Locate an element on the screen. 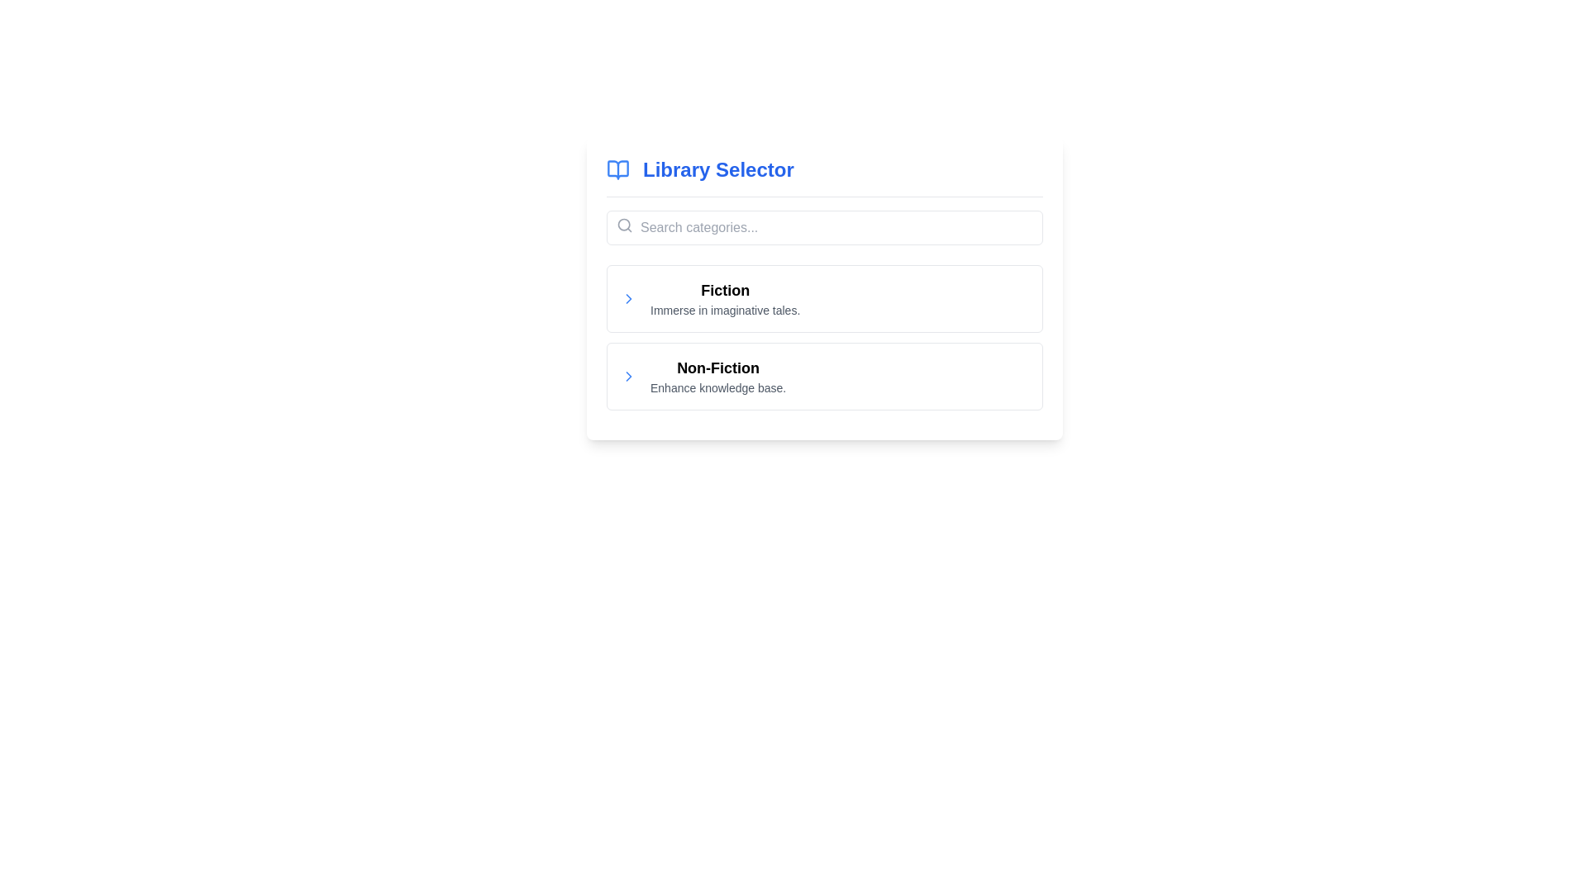 The height and width of the screenshot is (892, 1587). the second item in the vertically stacked list, which is a clickable list item related to 'Non-Fiction' is located at coordinates (825, 376).